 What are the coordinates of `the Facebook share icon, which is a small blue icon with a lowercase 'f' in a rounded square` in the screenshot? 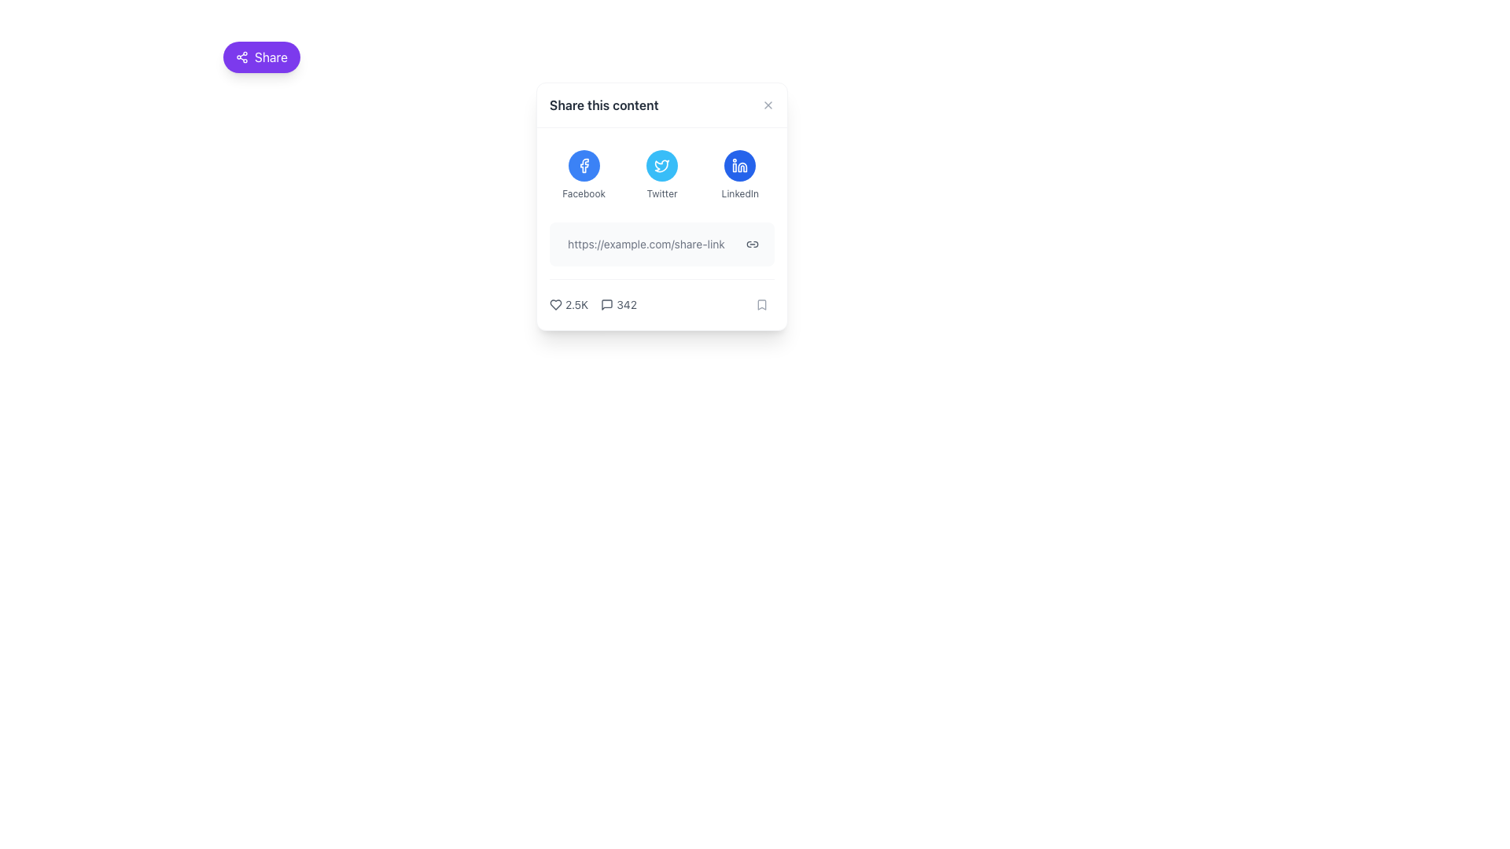 It's located at (584, 166).